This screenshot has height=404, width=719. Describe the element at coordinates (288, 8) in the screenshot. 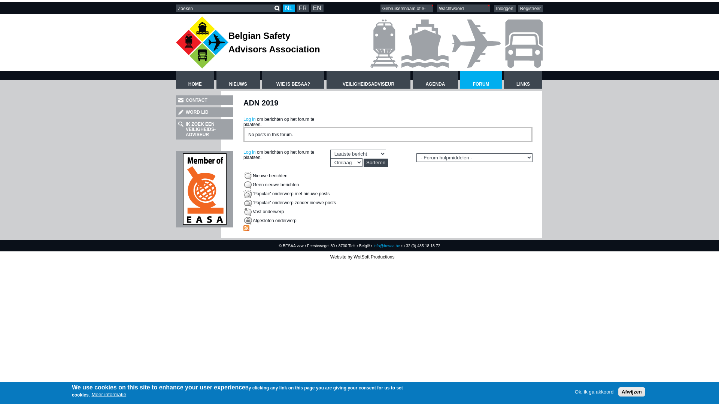

I see `'NL'` at that location.